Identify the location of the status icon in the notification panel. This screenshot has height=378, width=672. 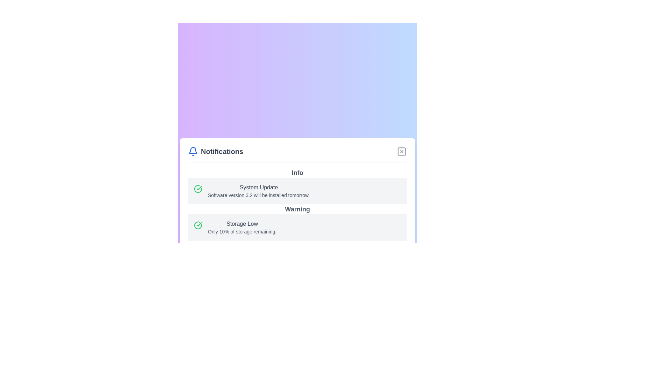
(198, 225).